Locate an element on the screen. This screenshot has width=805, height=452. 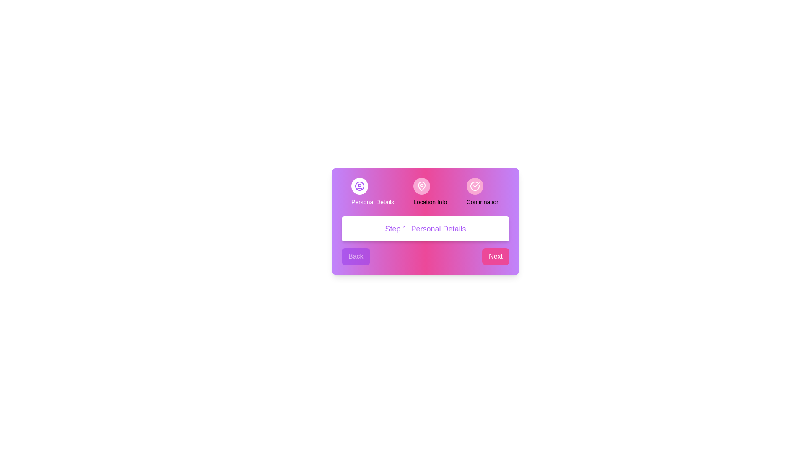
'Next' button to navigate to the next step is located at coordinates (495, 256).